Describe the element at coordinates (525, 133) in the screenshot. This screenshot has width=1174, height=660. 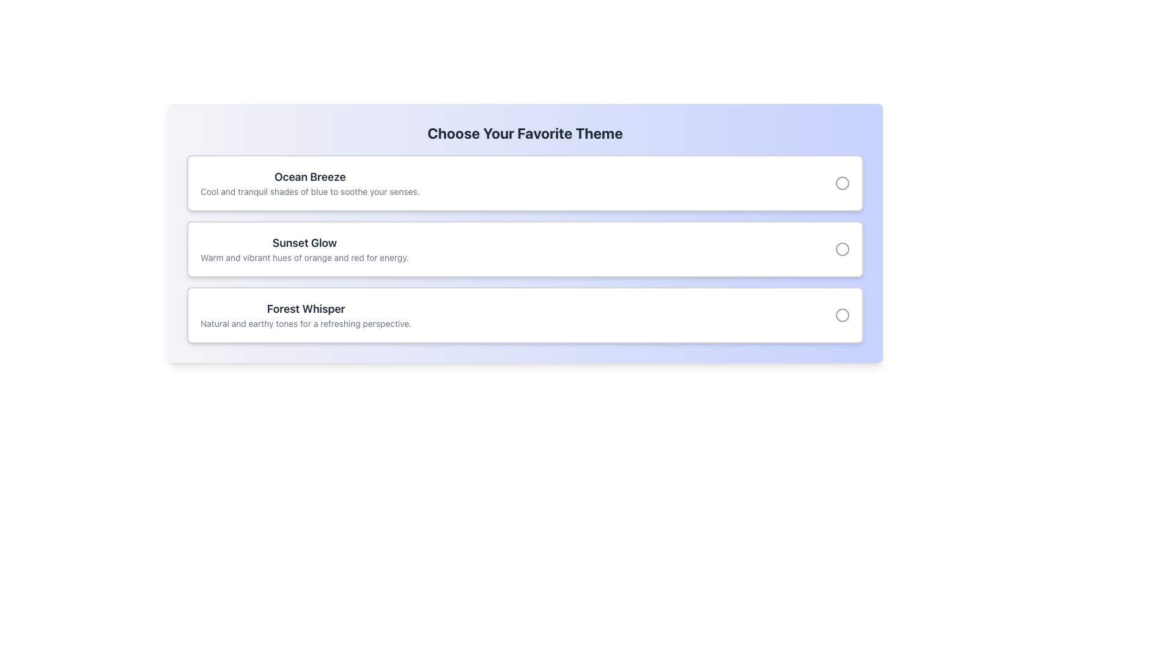
I see `the text header displaying 'Choose Your Favorite Theme' which is in large, bold, dark gray font at the top center of the interface` at that location.